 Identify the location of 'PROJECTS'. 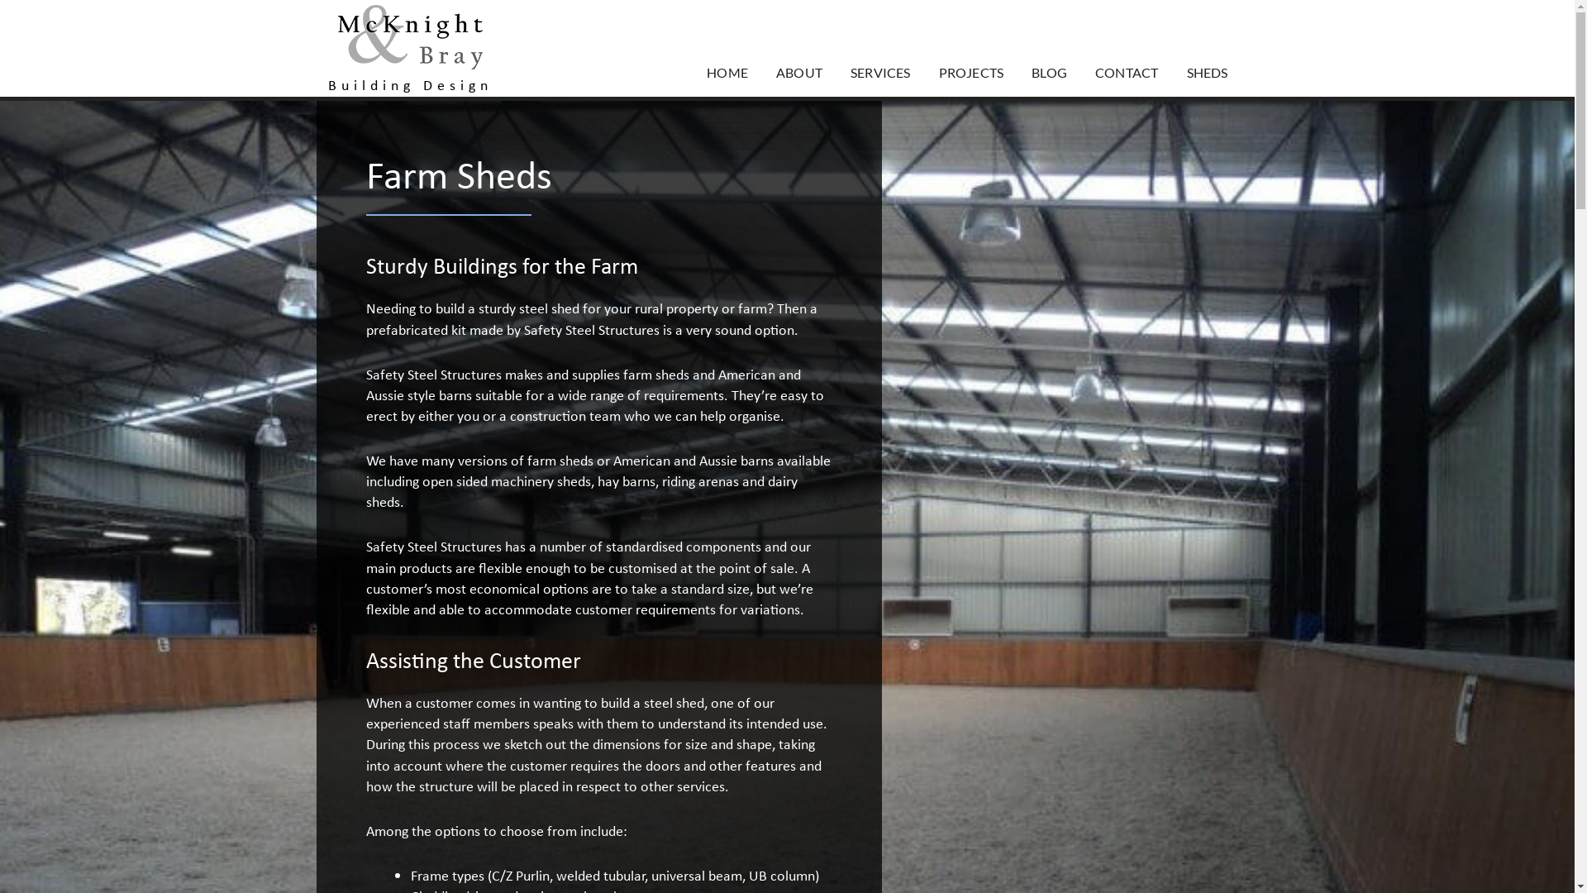
(923, 72).